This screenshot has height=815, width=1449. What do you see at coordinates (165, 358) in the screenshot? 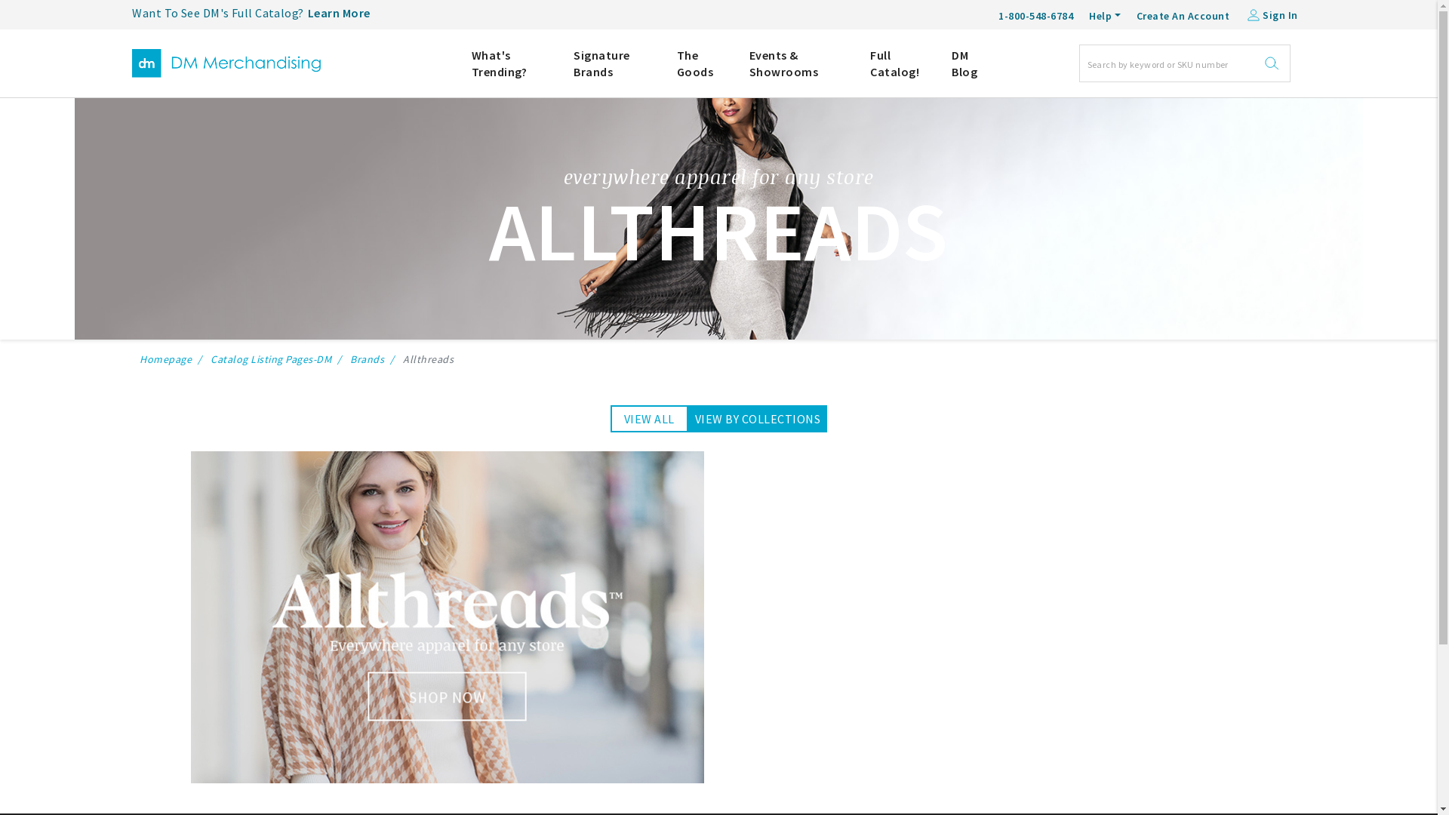
I see `'Homepage'` at bounding box center [165, 358].